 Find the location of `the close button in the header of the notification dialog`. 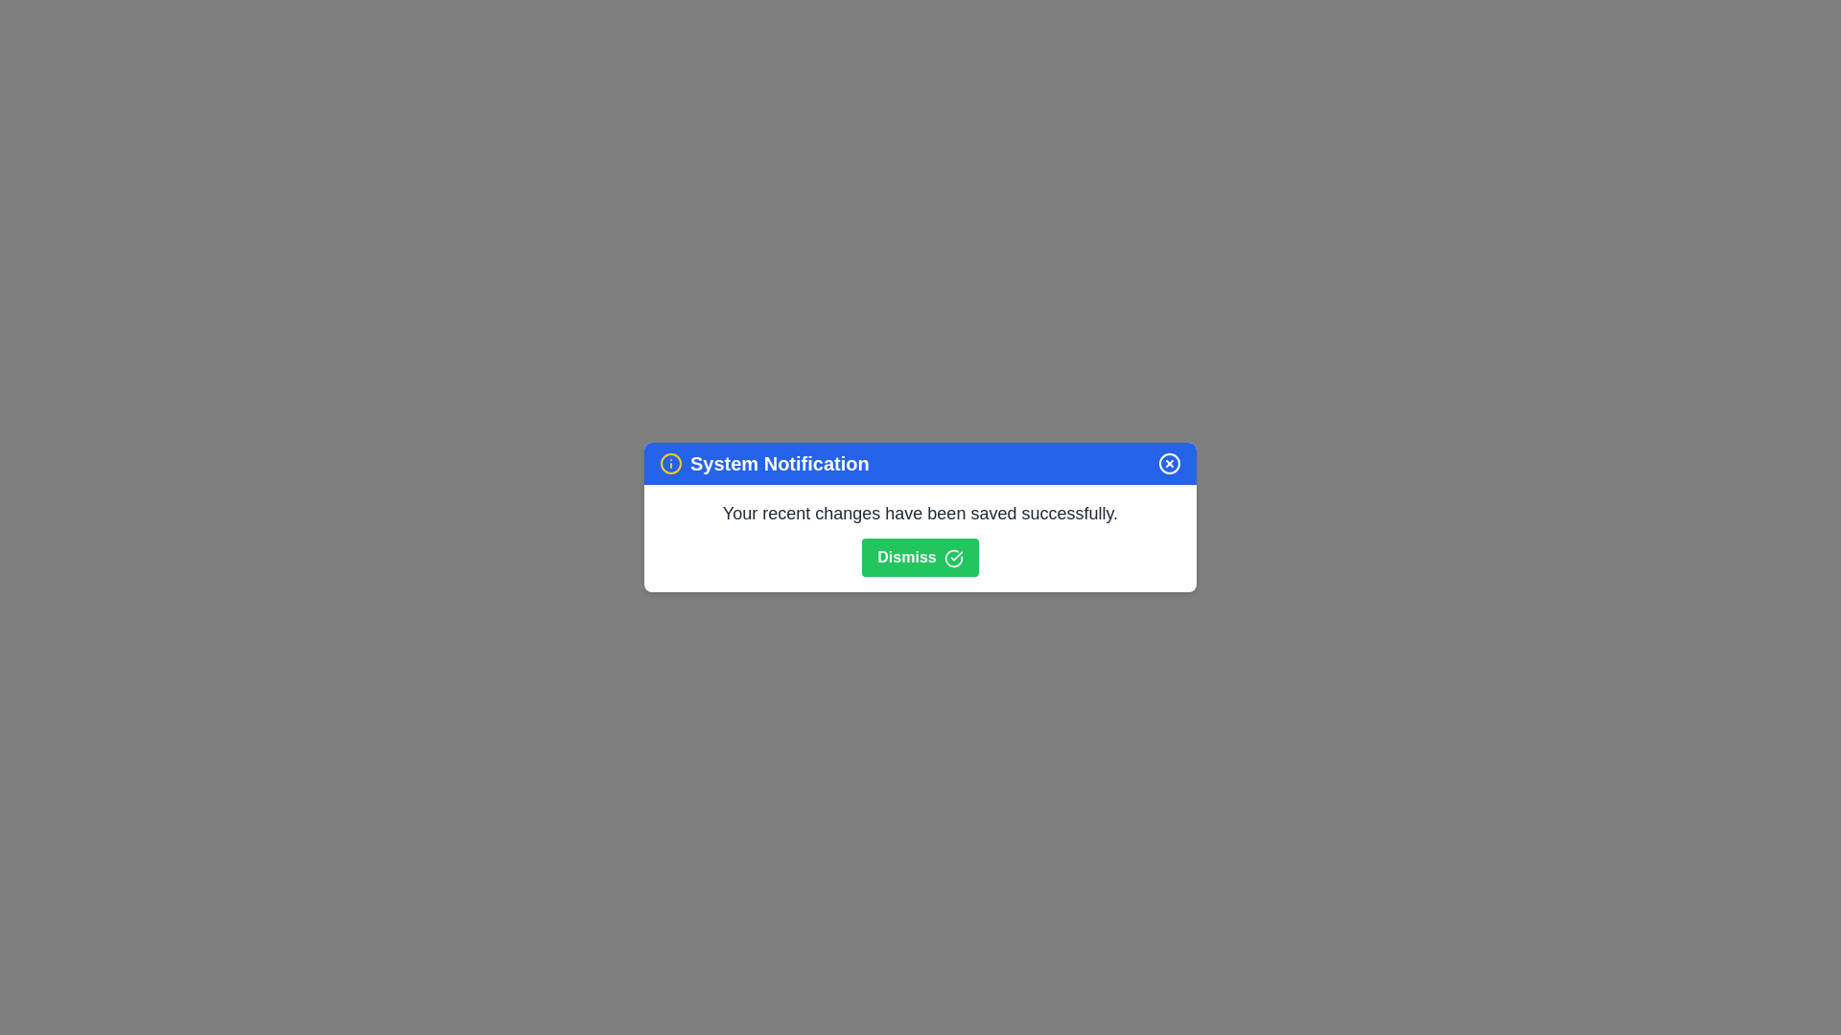

the close button in the header of the notification dialog is located at coordinates (1168, 463).